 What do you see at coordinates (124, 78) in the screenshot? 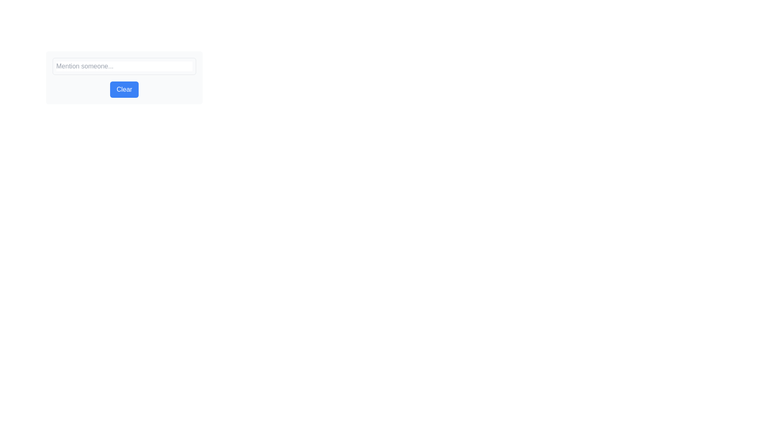
I see `the blue rectangular 'Clear' button with rounded corners located below the input field labeled 'Mention someone...'` at bounding box center [124, 78].